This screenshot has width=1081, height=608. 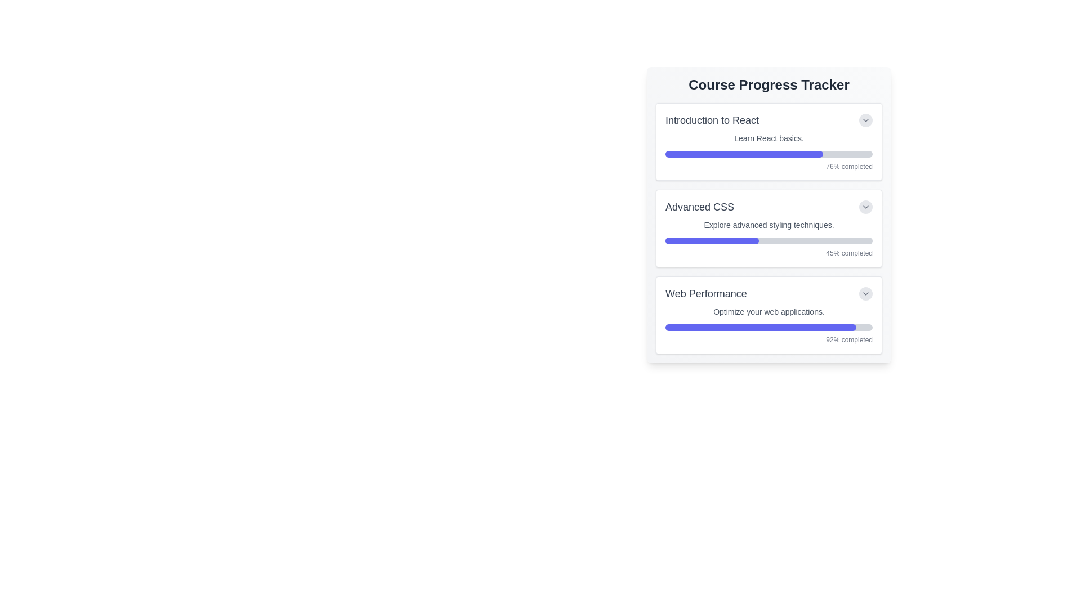 I want to click on the text label displaying 'Web Performance' located in the third section of the 'Course Progress Tracker', so click(x=705, y=293).